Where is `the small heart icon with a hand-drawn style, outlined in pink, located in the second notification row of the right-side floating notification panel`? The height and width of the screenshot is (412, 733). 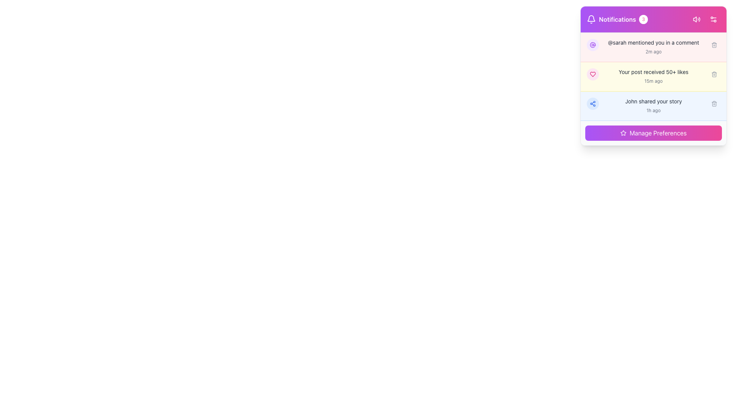 the small heart icon with a hand-drawn style, outlined in pink, located in the second notification row of the right-side floating notification panel is located at coordinates (593, 74).